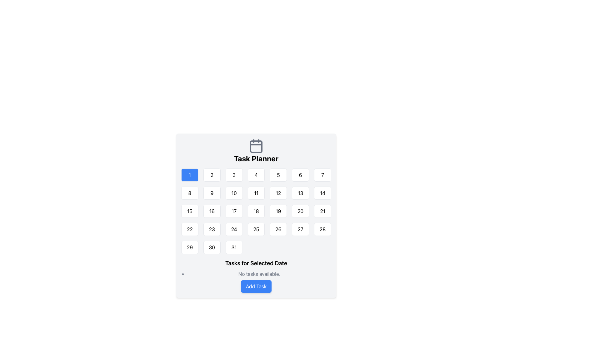 The image size is (600, 337). Describe the element at coordinates (259, 274) in the screenshot. I see `the 'No Tasks' text label that informs users about the absence of tasks for the selected date in the task planner, located between the calendar grid and the 'Add Task' button` at that location.